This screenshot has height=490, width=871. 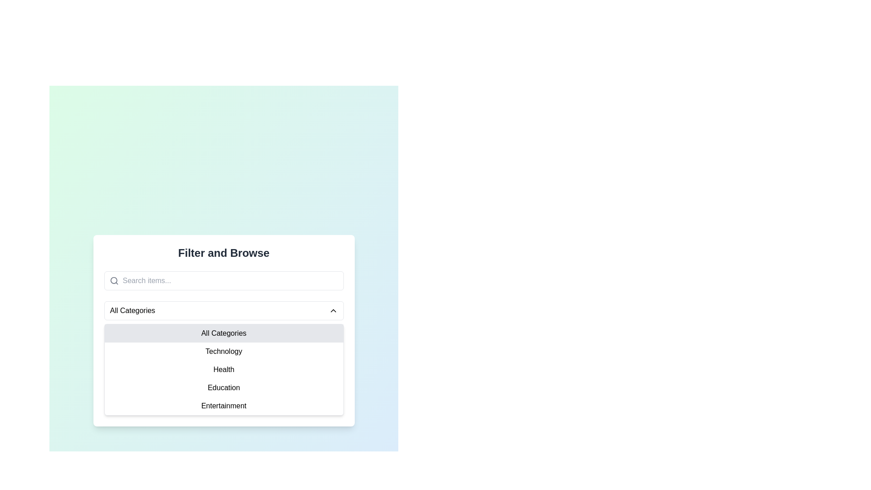 What do you see at coordinates (132, 310) in the screenshot?
I see `the label in the dropdown menu that displays the currently selected category` at bounding box center [132, 310].